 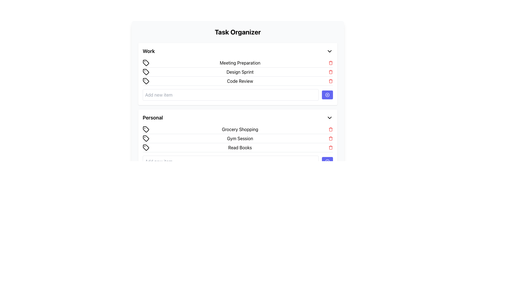 I want to click on the delete button located to the far right of the 'Design Sprint' task label, so click(x=330, y=72).